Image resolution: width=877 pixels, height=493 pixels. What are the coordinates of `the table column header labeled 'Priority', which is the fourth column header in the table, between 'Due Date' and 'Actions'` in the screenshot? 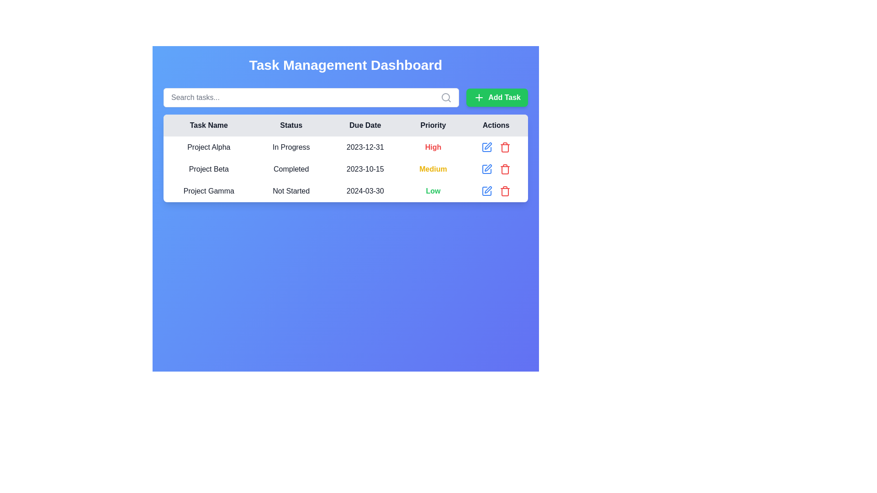 It's located at (433, 125).